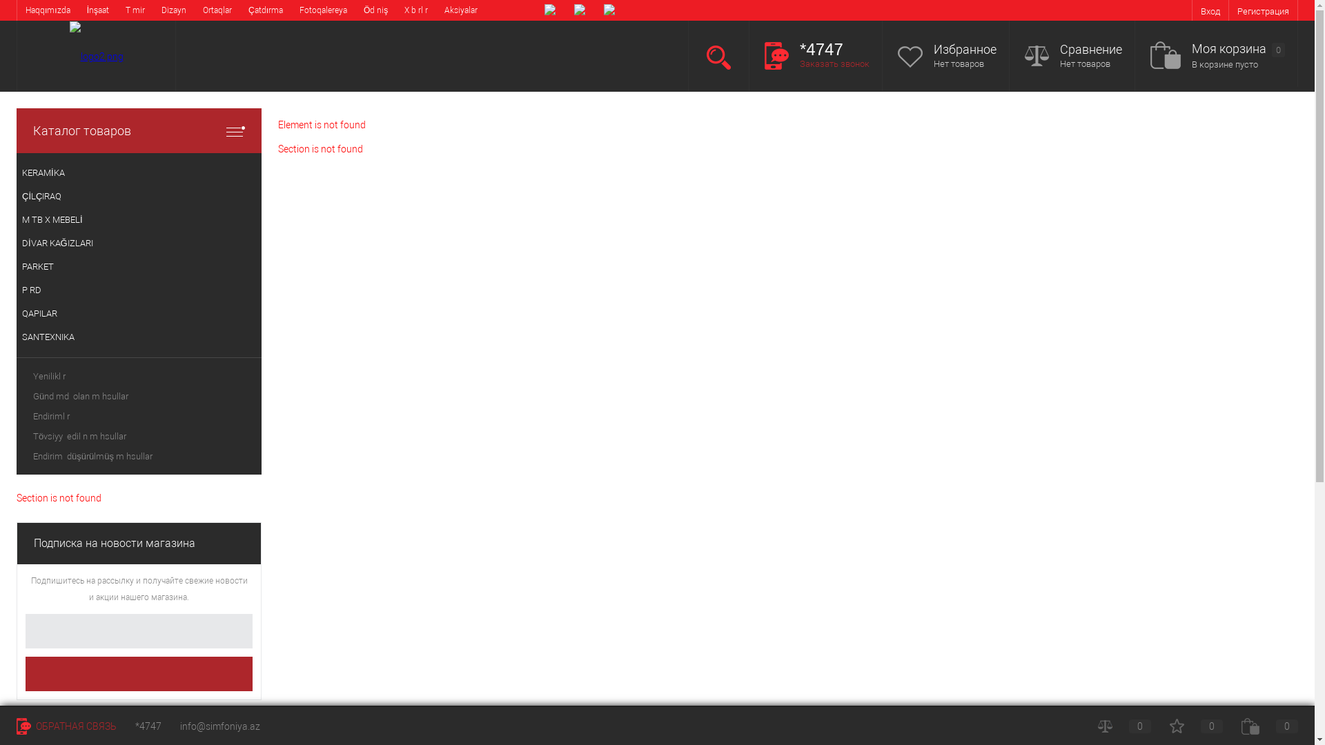  I want to click on 'Fotoqalereya', so click(291, 10).